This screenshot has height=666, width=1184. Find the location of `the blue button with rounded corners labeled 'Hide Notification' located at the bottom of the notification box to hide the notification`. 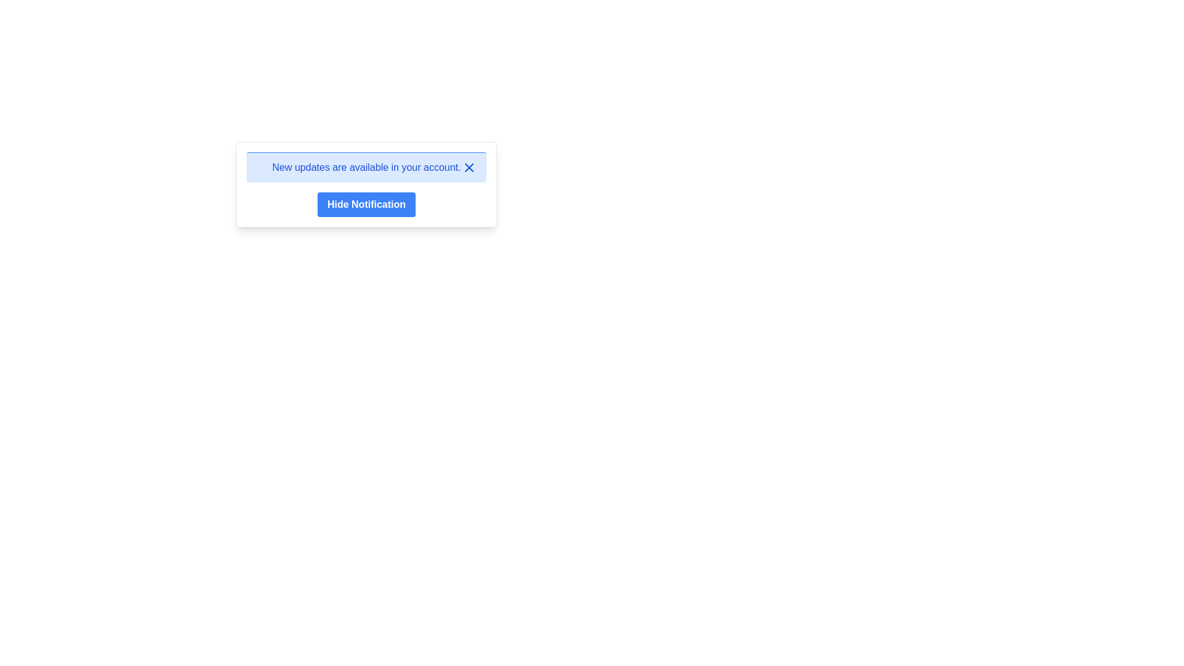

the blue button with rounded corners labeled 'Hide Notification' located at the bottom of the notification box to hide the notification is located at coordinates (366, 203).